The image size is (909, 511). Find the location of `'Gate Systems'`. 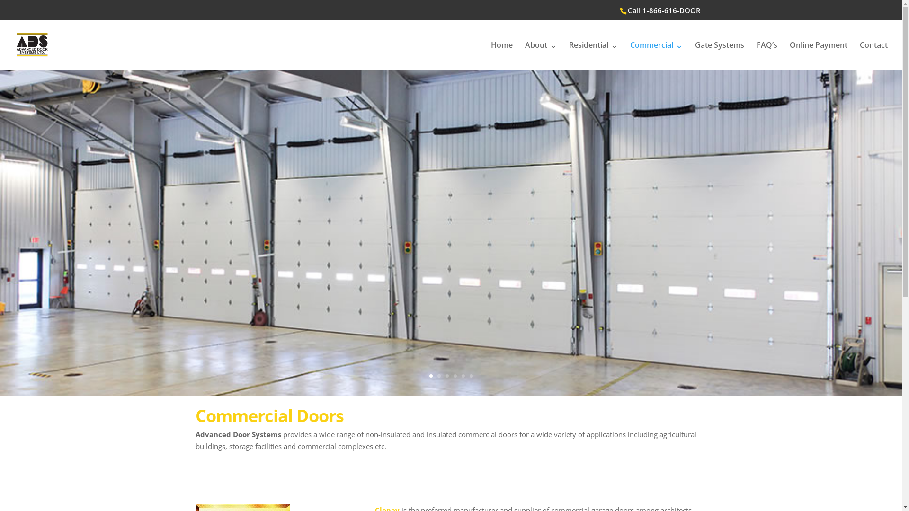

'Gate Systems' is located at coordinates (720, 56).